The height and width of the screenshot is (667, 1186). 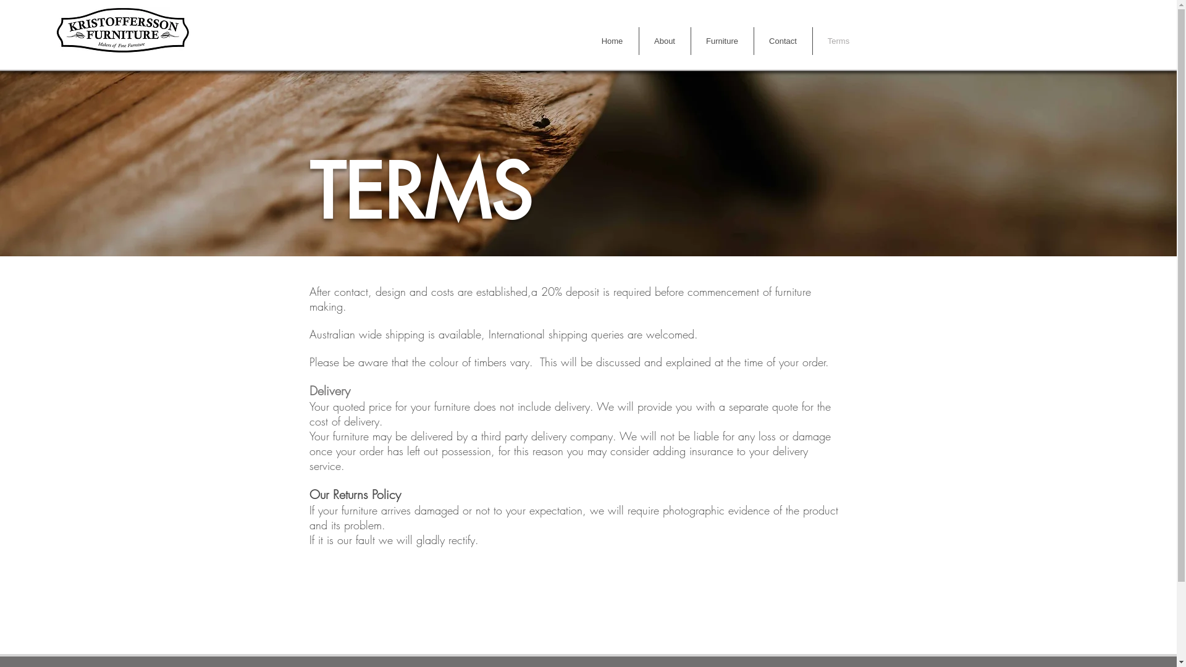 I want to click on 'Furniture', so click(x=721, y=40).